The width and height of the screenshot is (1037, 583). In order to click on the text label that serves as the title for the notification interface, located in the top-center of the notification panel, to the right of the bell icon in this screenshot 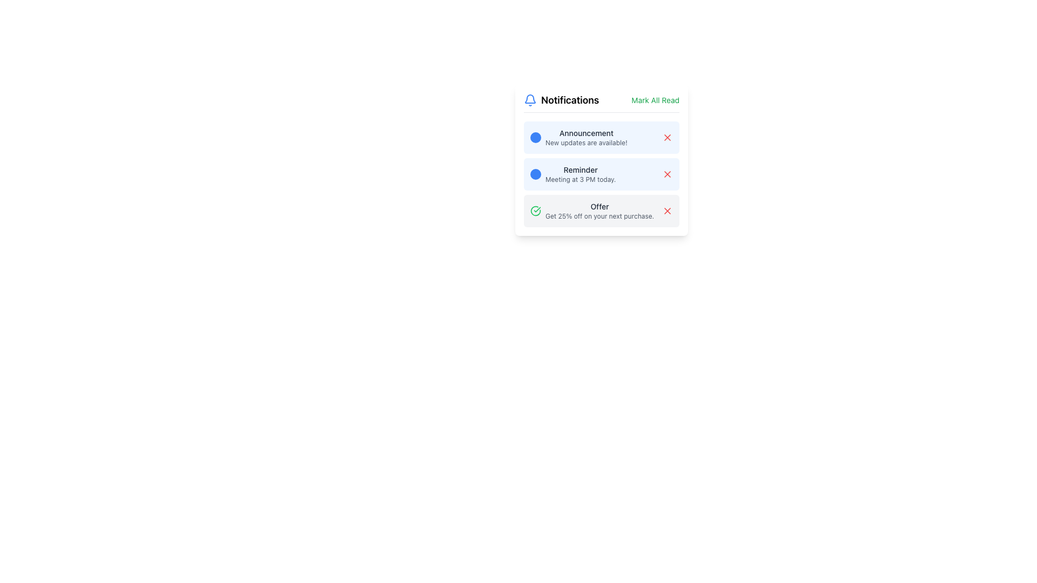, I will do `click(569, 100)`.